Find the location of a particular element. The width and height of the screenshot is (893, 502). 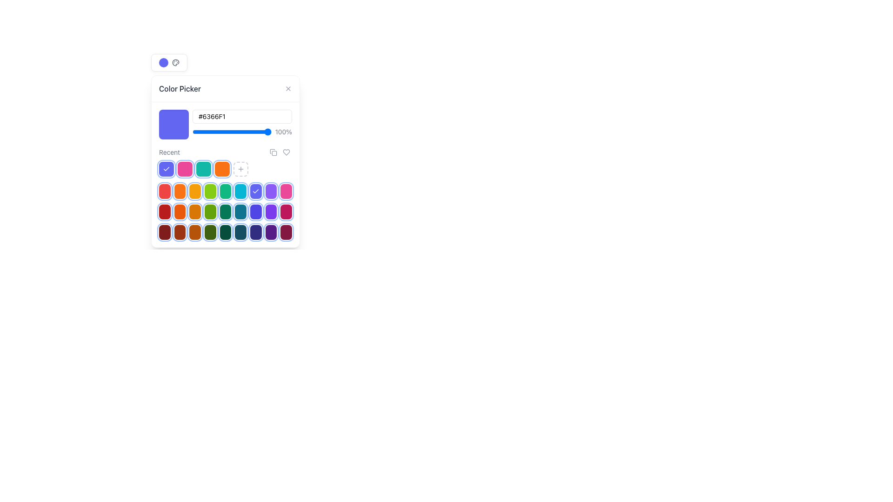

the first color selection button in the color picker dialog is located at coordinates (165, 211).